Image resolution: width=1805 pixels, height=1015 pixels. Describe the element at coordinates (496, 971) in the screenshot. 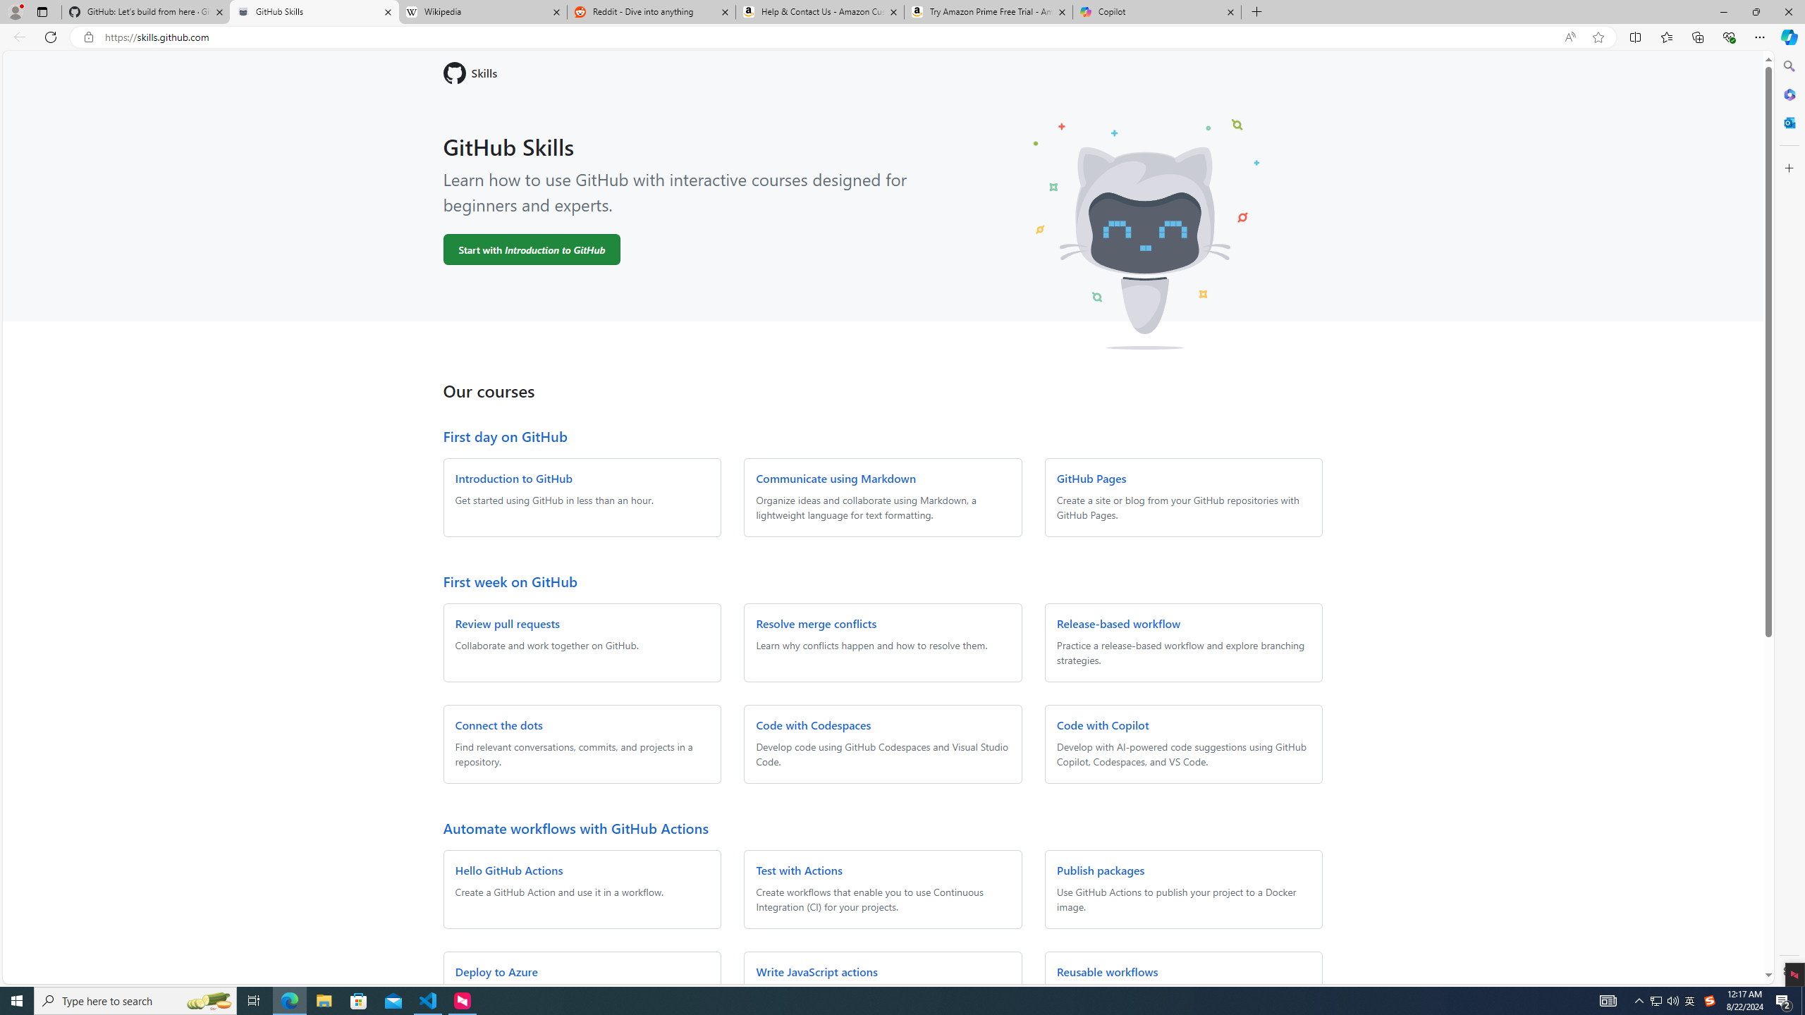

I see `'Deploy to Azure'` at that location.